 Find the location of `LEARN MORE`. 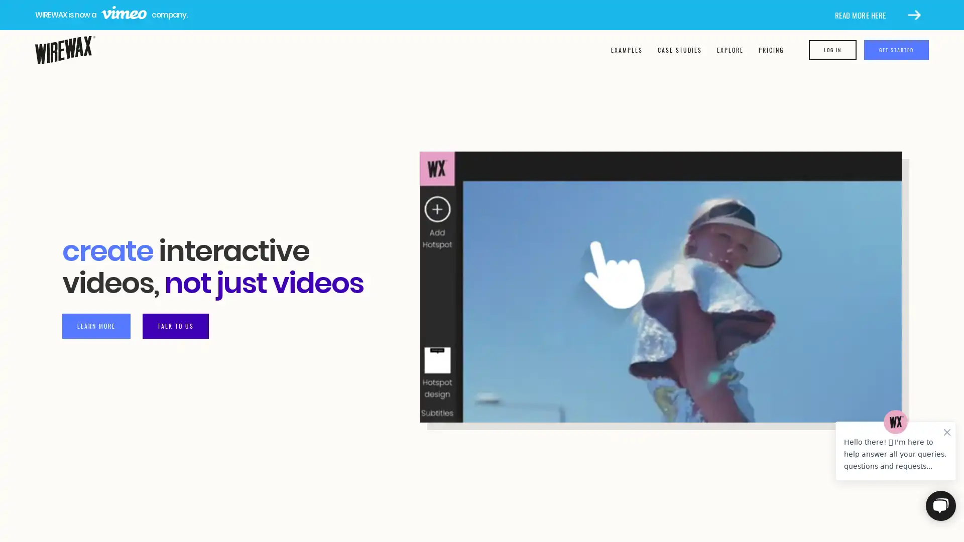

LEARN MORE is located at coordinates (96, 325).